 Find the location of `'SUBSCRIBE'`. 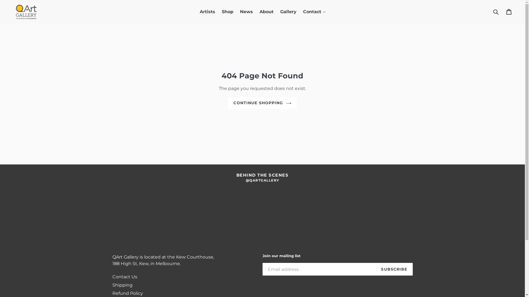

'SUBSCRIBE' is located at coordinates (375, 269).